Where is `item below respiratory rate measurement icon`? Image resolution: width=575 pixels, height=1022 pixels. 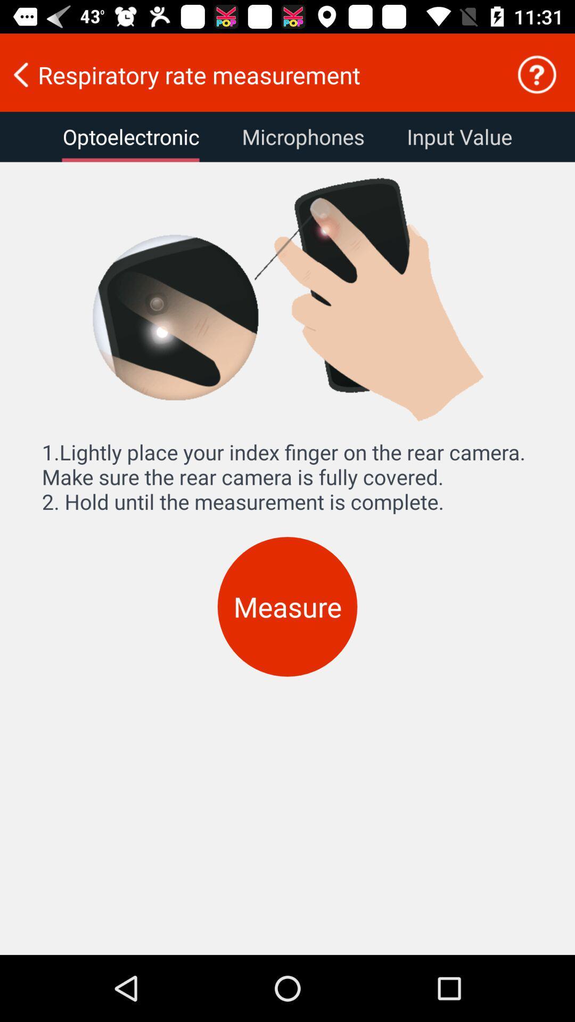
item below respiratory rate measurement icon is located at coordinates (459, 136).